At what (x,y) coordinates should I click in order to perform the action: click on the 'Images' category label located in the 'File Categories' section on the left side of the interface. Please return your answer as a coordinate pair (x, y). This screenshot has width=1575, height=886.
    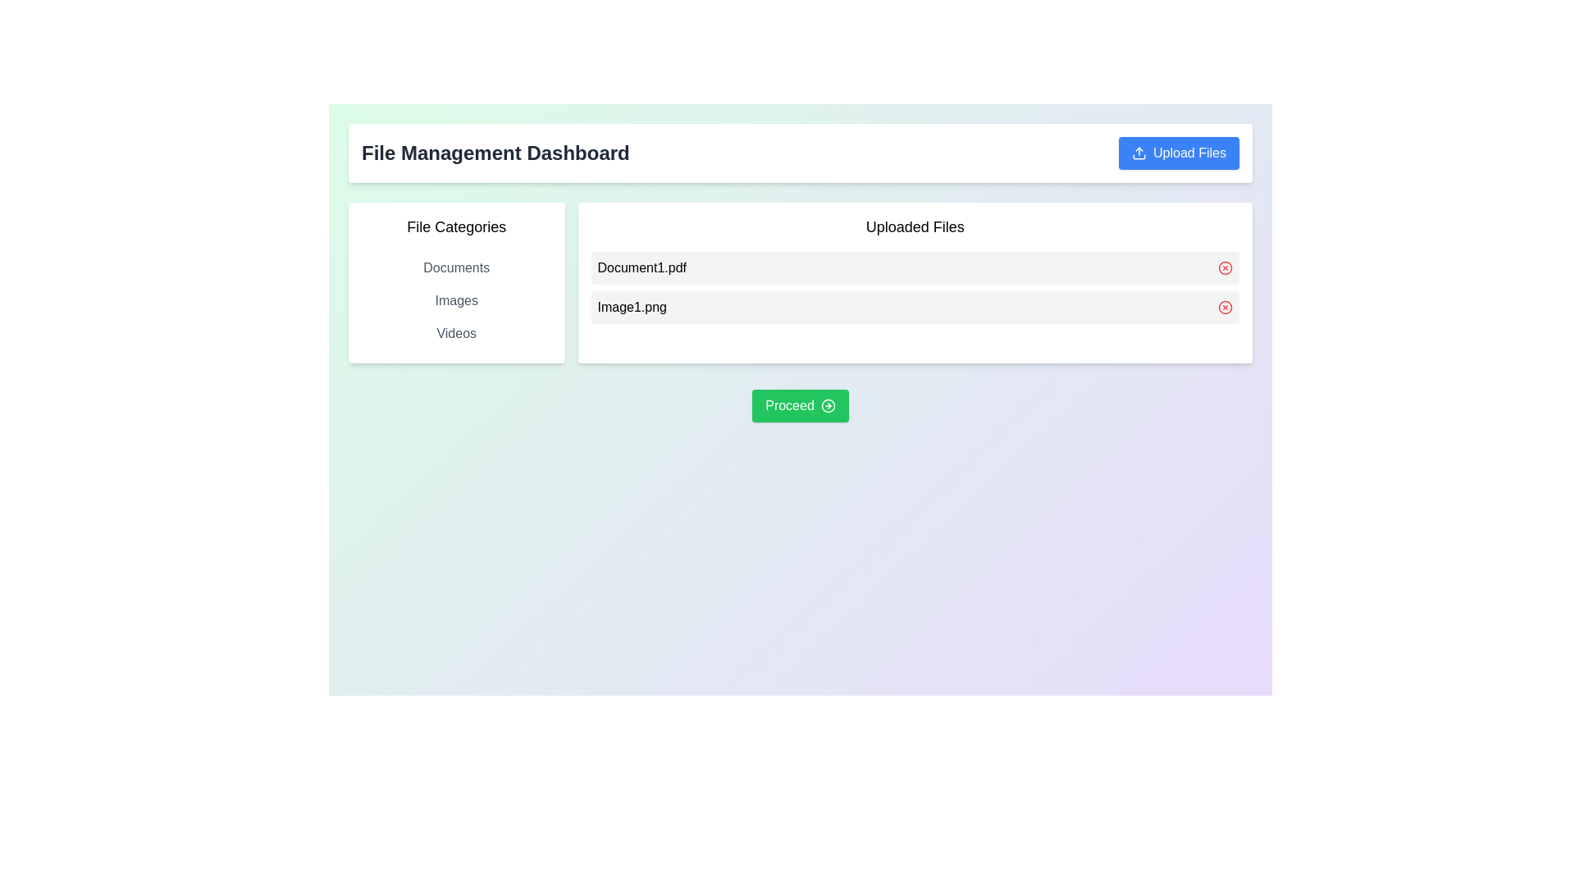
    Looking at the image, I should click on (456, 300).